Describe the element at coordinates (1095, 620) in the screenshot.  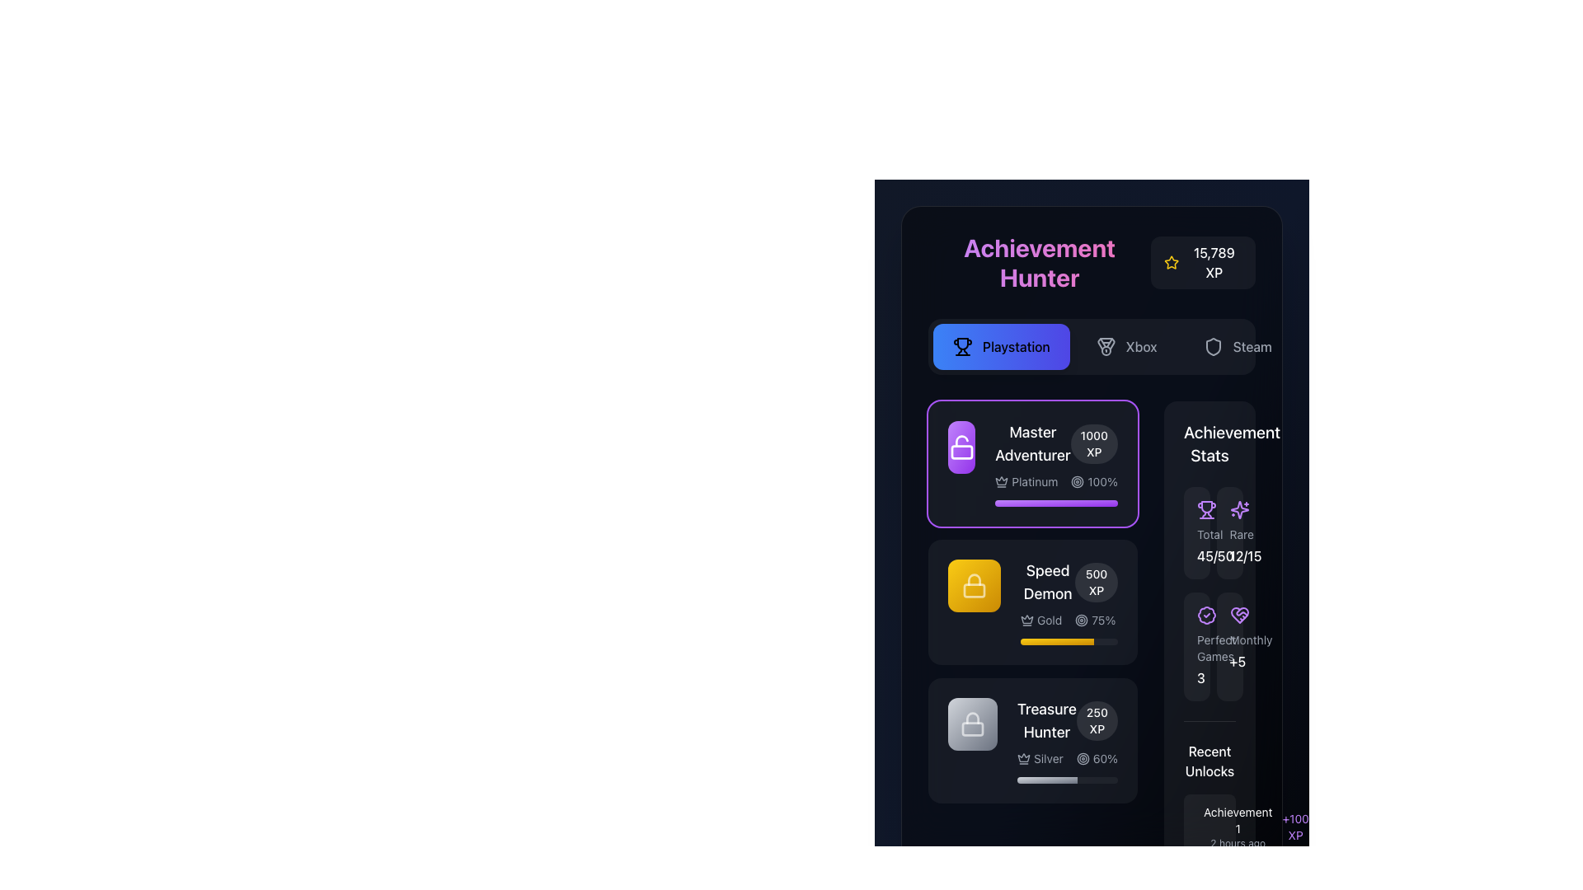
I see `the progress information displayed by the circular target icon with the text '75%' to its right, located beneath the 'Master Adventurer' card and within the 'Speed Demon' achievement card` at that location.